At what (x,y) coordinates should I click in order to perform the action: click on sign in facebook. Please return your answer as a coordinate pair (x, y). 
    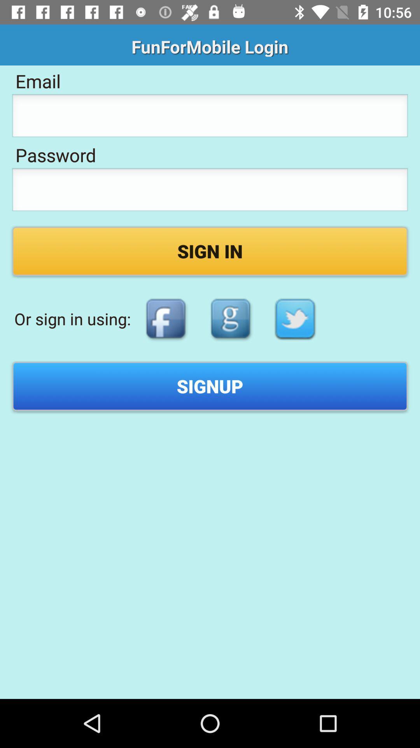
    Looking at the image, I should click on (165, 319).